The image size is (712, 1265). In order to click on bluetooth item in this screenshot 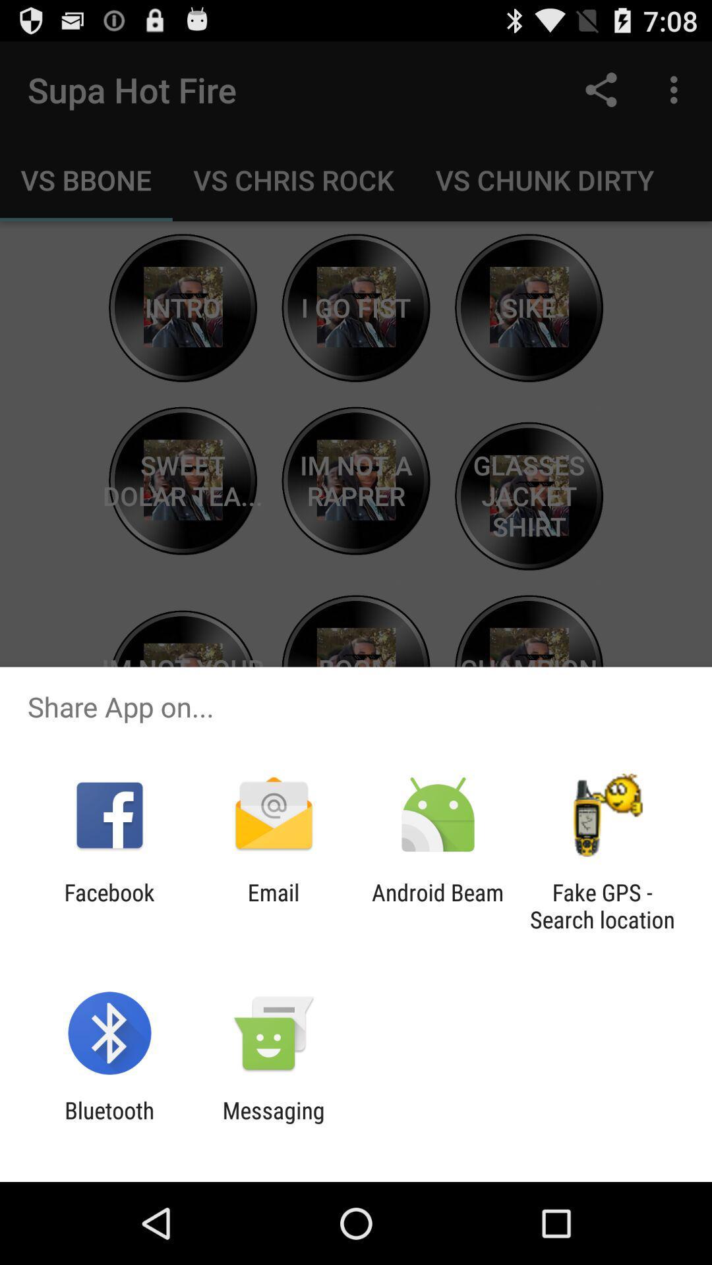, I will do `click(109, 1123)`.